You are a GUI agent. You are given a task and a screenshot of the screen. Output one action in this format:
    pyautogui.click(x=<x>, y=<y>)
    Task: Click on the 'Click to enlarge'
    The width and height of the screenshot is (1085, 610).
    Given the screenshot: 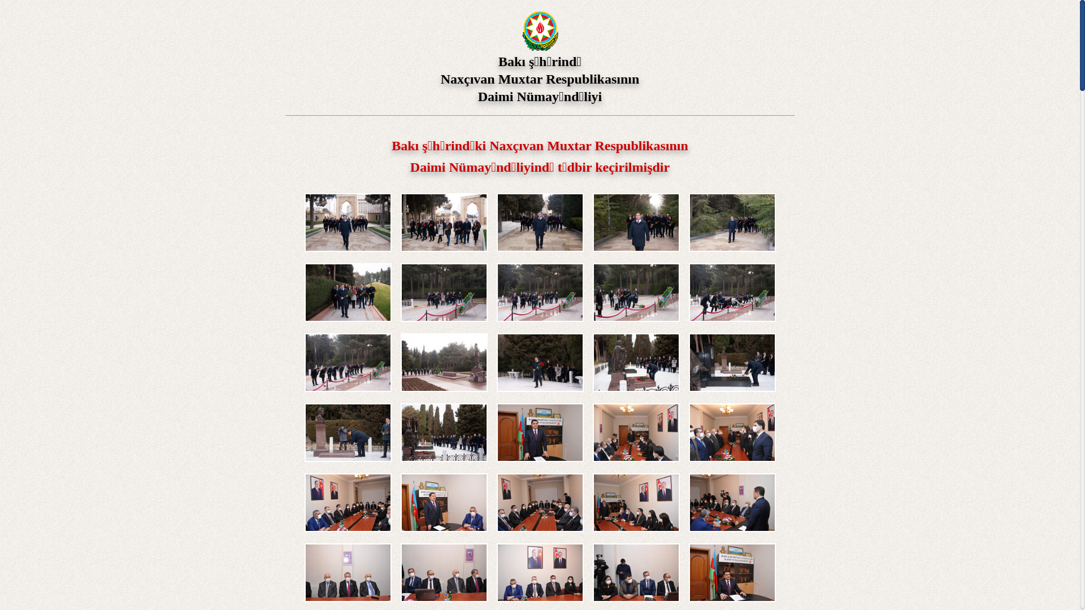 What is the action you would take?
    pyautogui.click(x=732, y=573)
    